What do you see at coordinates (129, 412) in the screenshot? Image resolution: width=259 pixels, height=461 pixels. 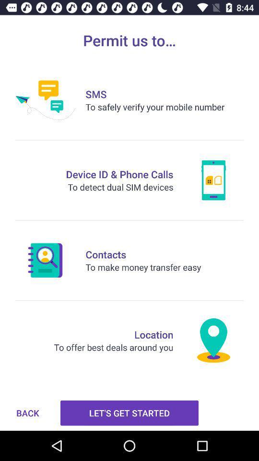 I see `icon next to the back icon` at bounding box center [129, 412].